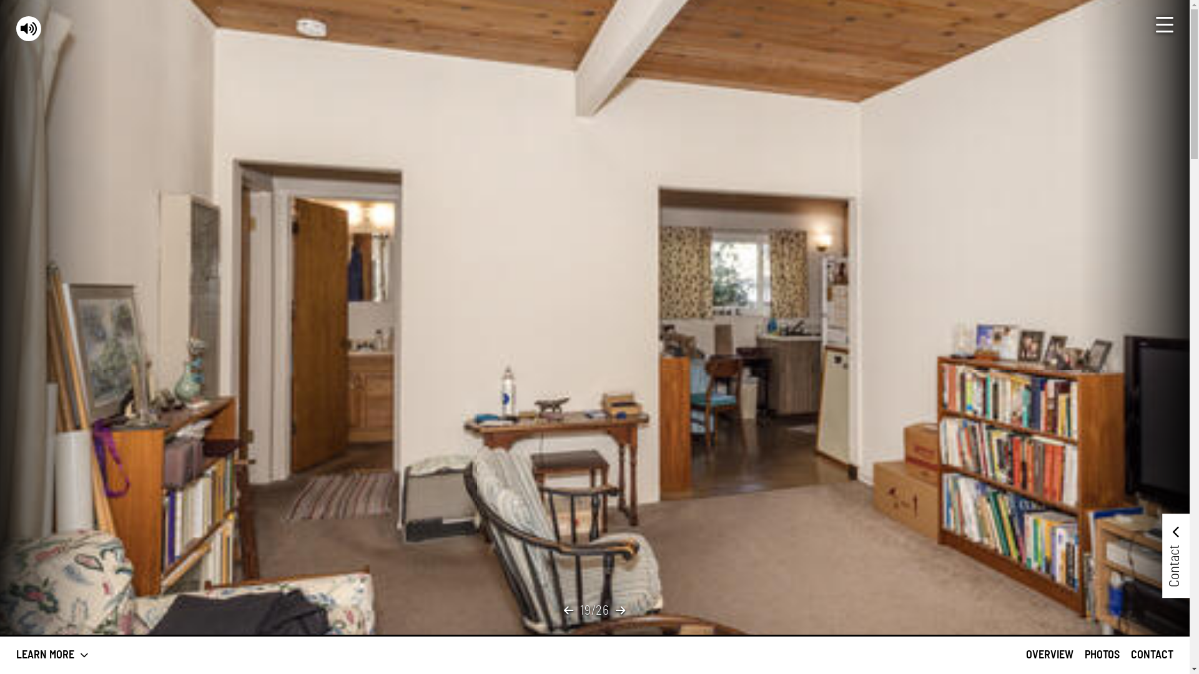 The image size is (1199, 674). Describe the element at coordinates (1049, 654) in the screenshot. I see `'OVERVIEW'` at that location.